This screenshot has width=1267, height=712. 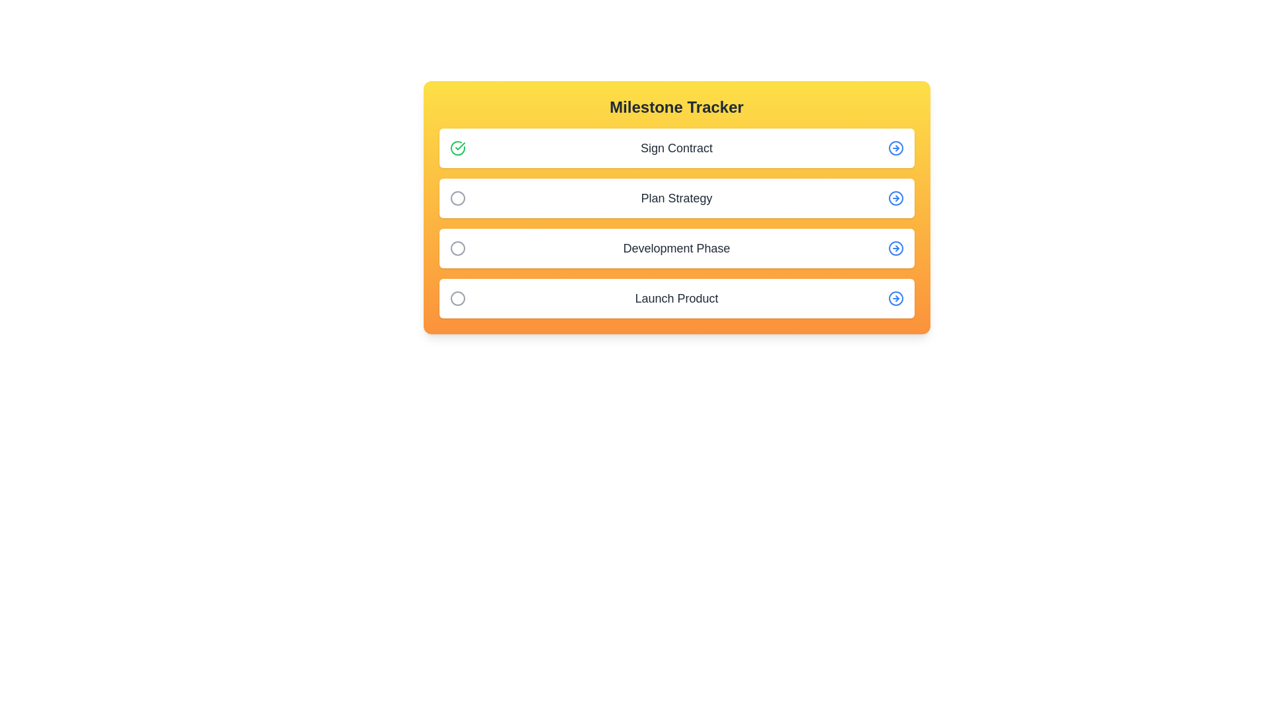 What do you see at coordinates (457, 148) in the screenshot?
I see `the green-stroked circular arc of the checkmark icon within the first list item of the 'Milestone Tracker' component` at bounding box center [457, 148].